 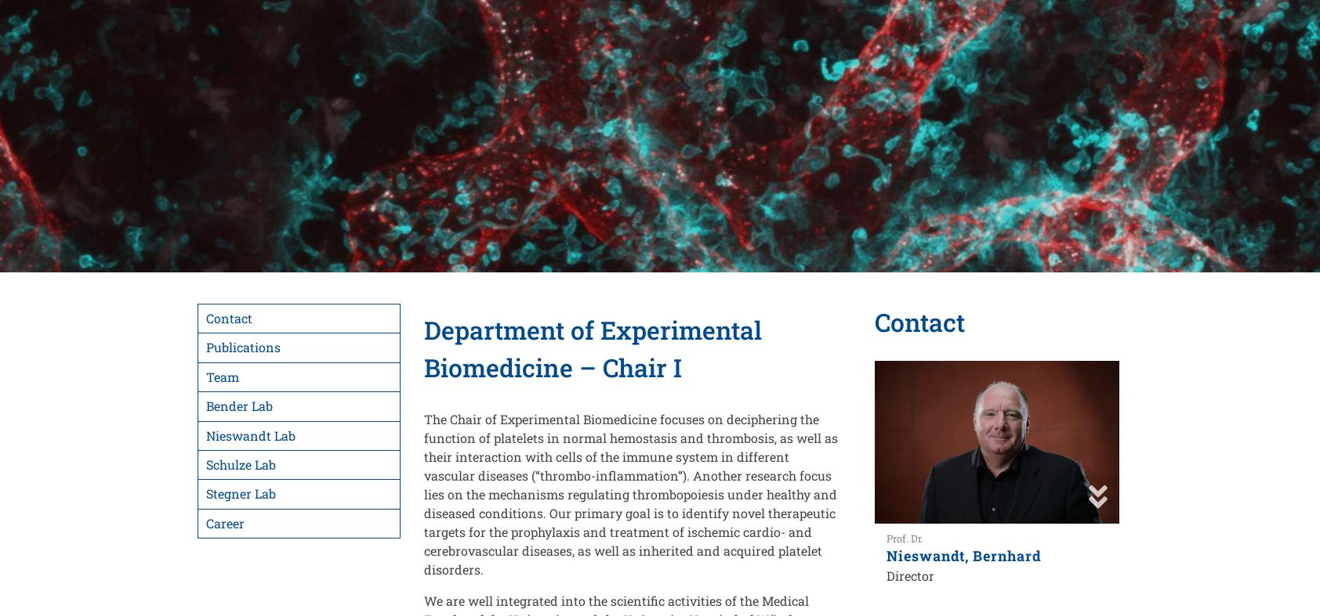 What do you see at coordinates (206, 405) in the screenshot?
I see `'Bender Lab'` at bounding box center [206, 405].